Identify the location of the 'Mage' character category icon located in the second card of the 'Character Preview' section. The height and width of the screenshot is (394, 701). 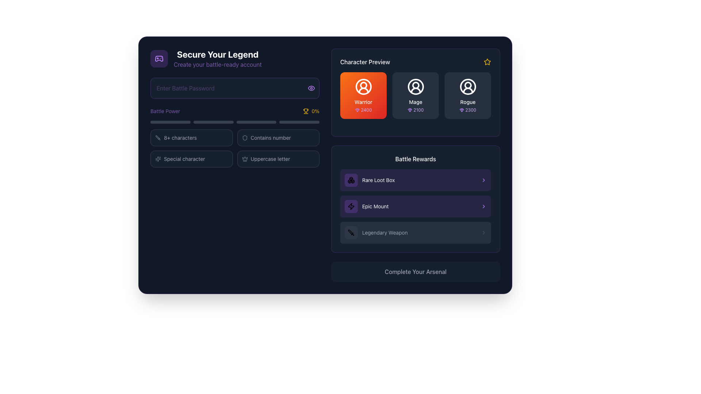
(415, 86).